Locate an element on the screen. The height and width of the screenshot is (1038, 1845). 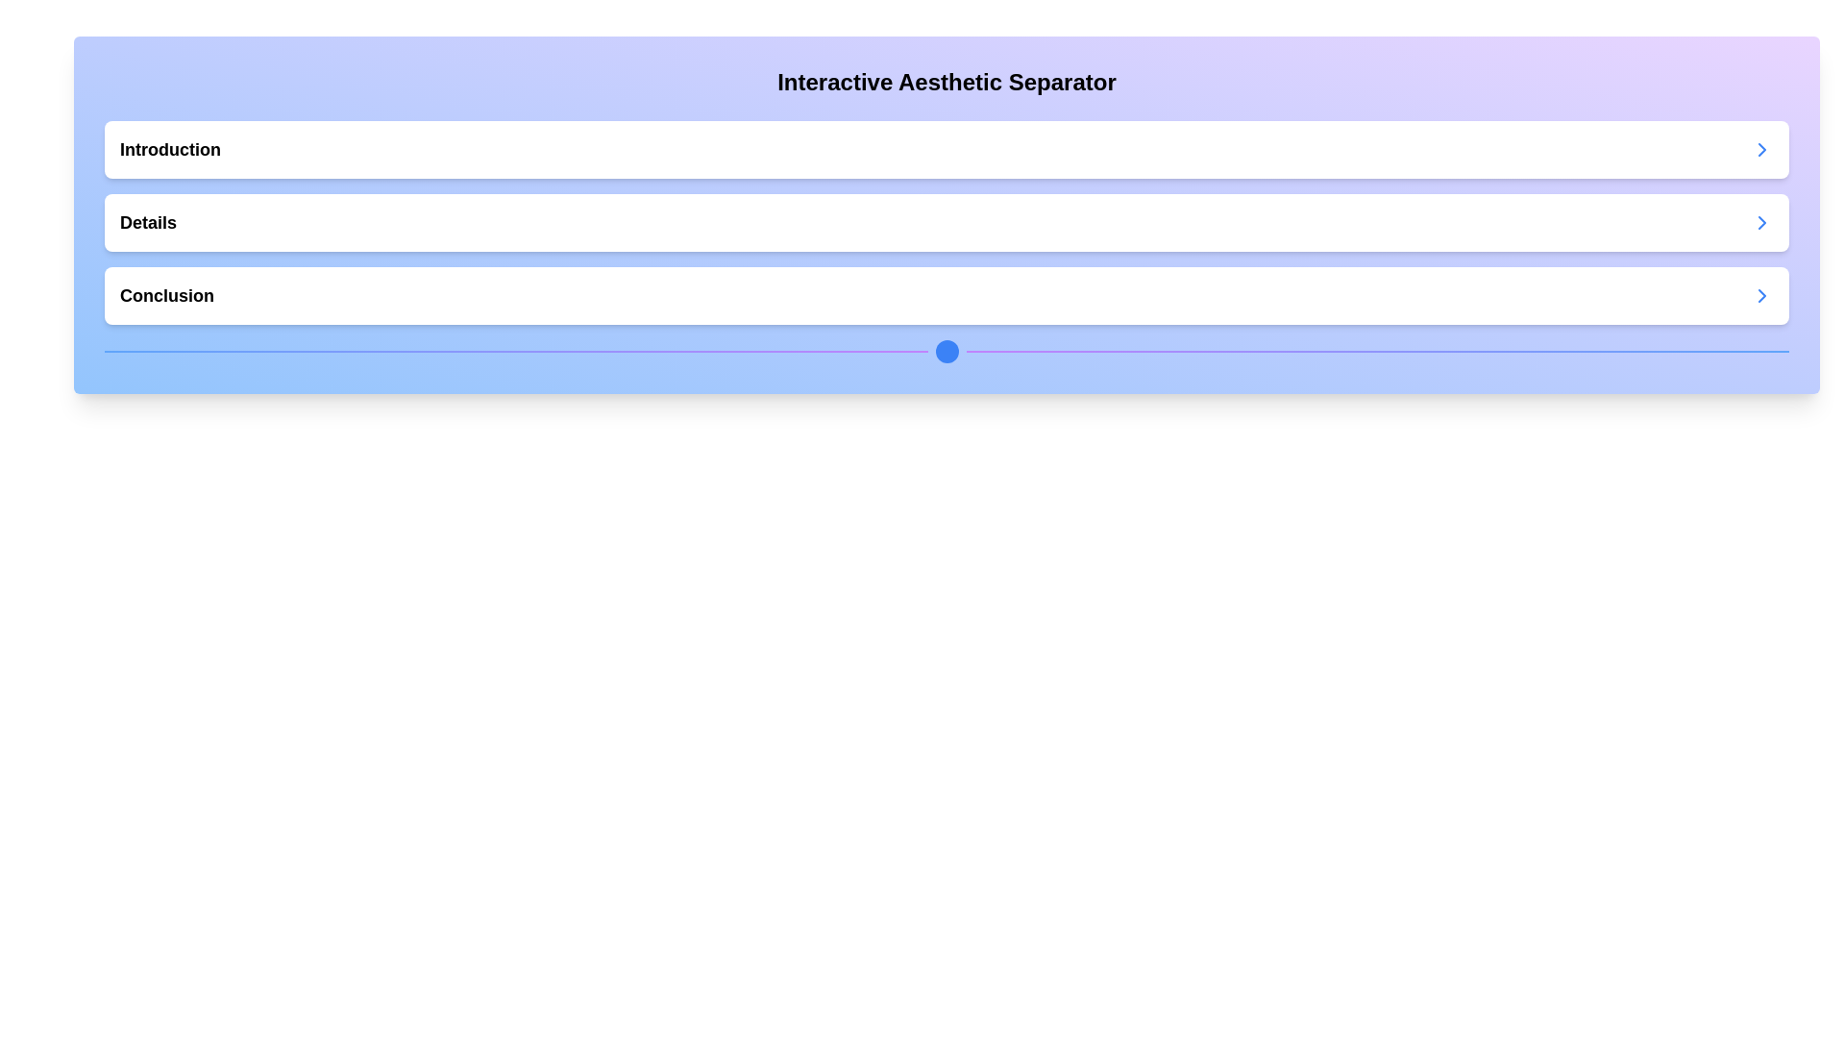
the 'Details' section located in the middle of the vertically-stacked layout under 'Interactive Aesthetic Separator' is located at coordinates (947, 221).